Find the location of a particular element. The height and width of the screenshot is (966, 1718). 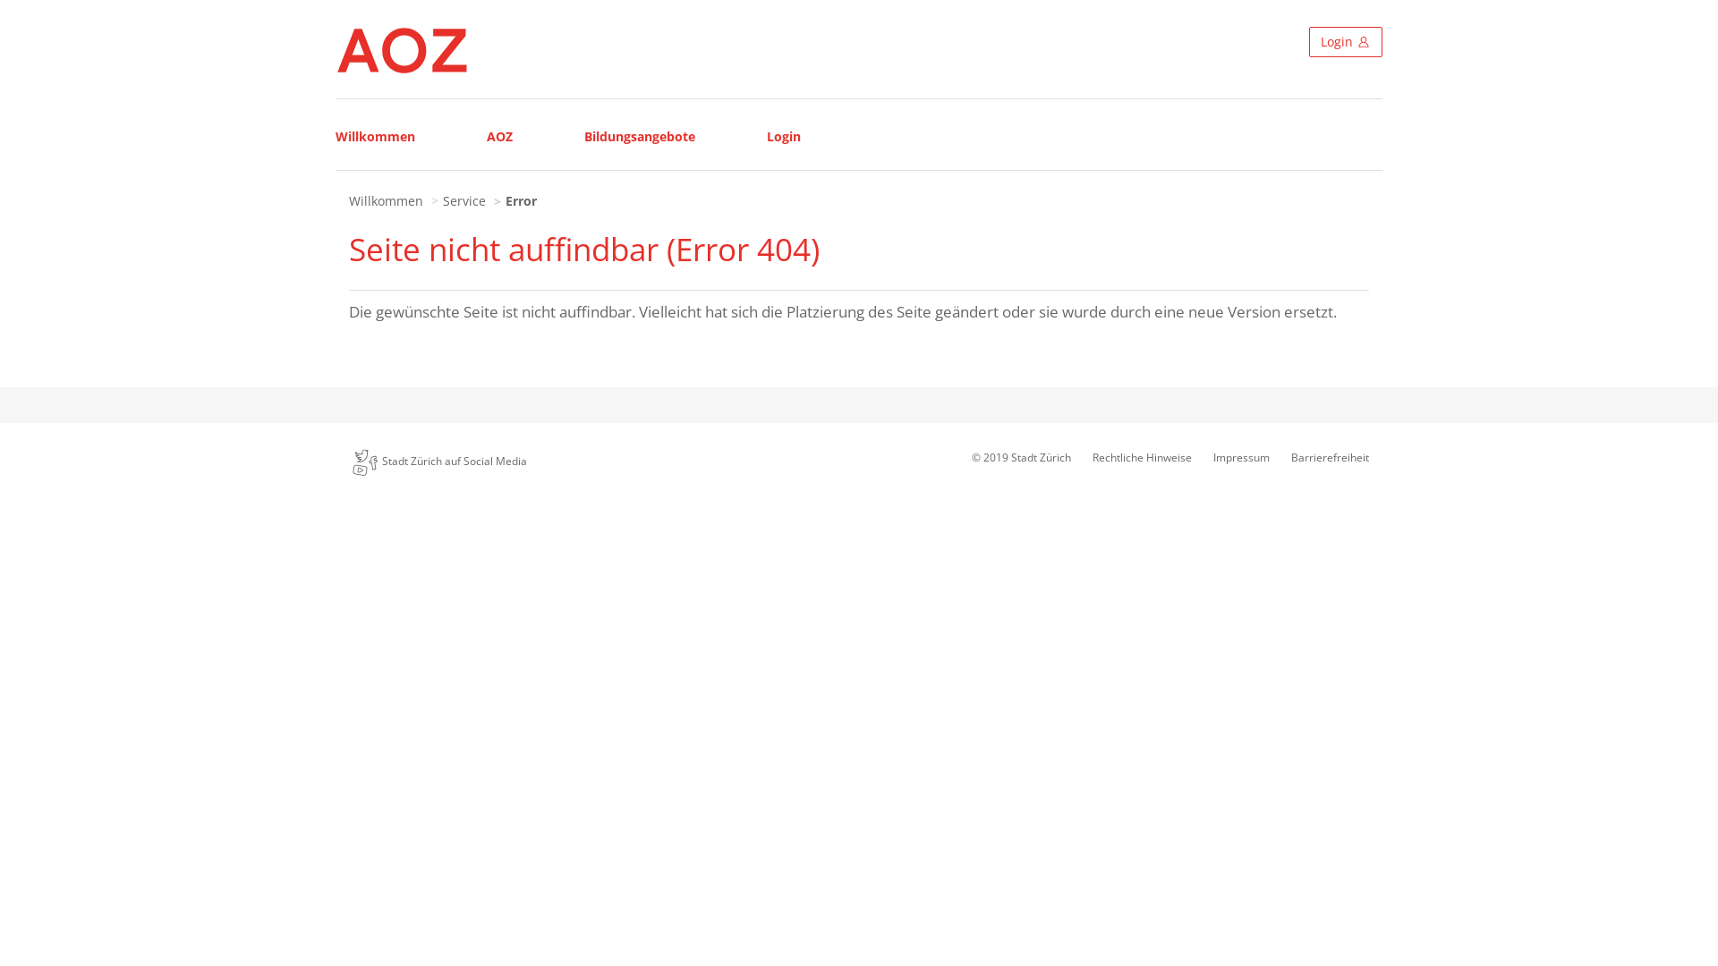

'Login' is located at coordinates (783, 133).